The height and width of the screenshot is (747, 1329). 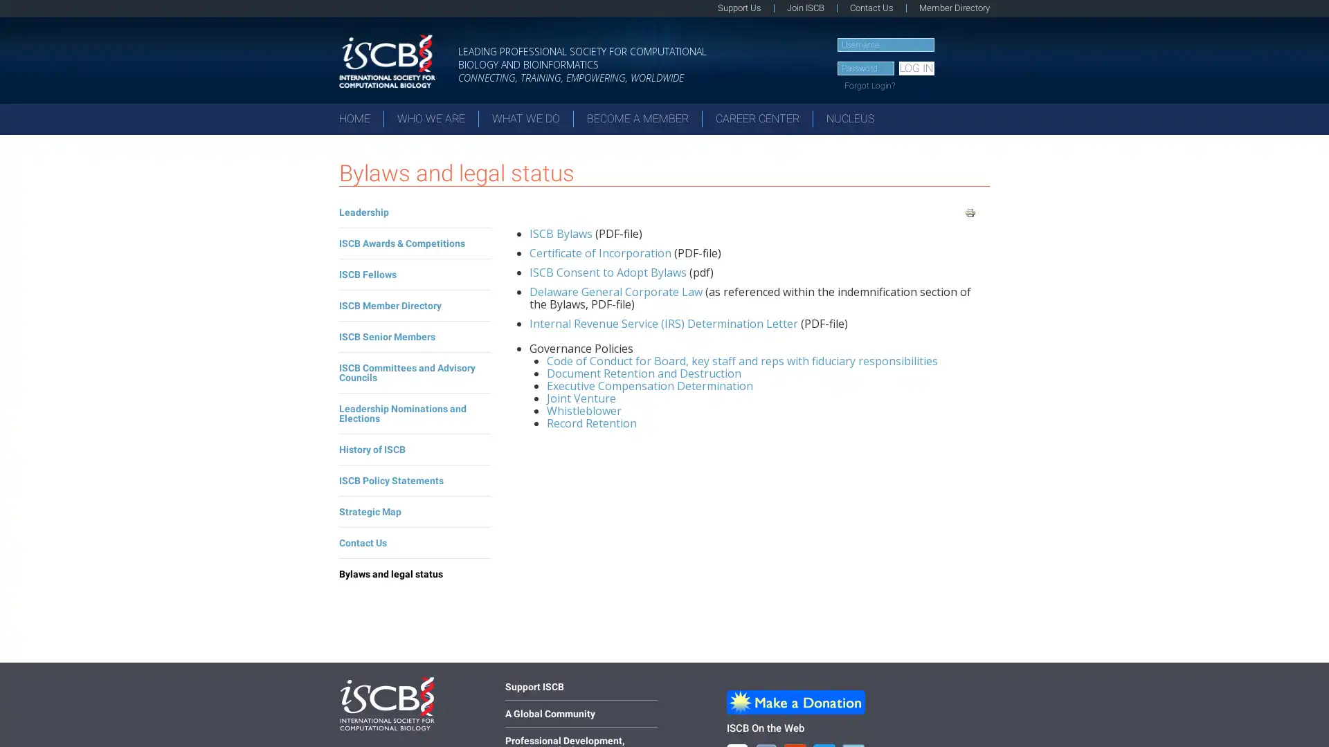 What do you see at coordinates (916, 68) in the screenshot?
I see `LOG IN` at bounding box center [916, 68].